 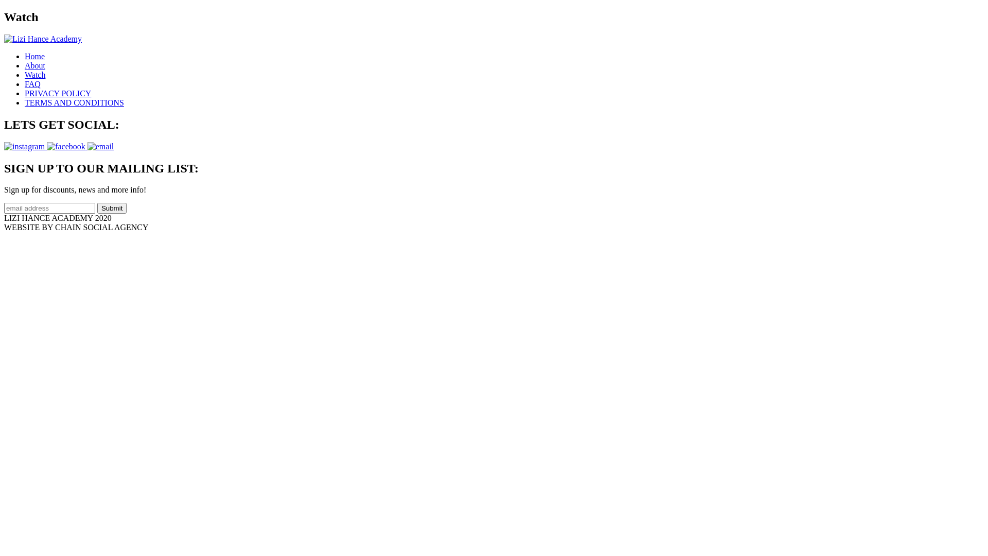 What do you see at coordinates (112, 208) in the screenshot?
I see `'Submit'` at bounding box center [112, 208].